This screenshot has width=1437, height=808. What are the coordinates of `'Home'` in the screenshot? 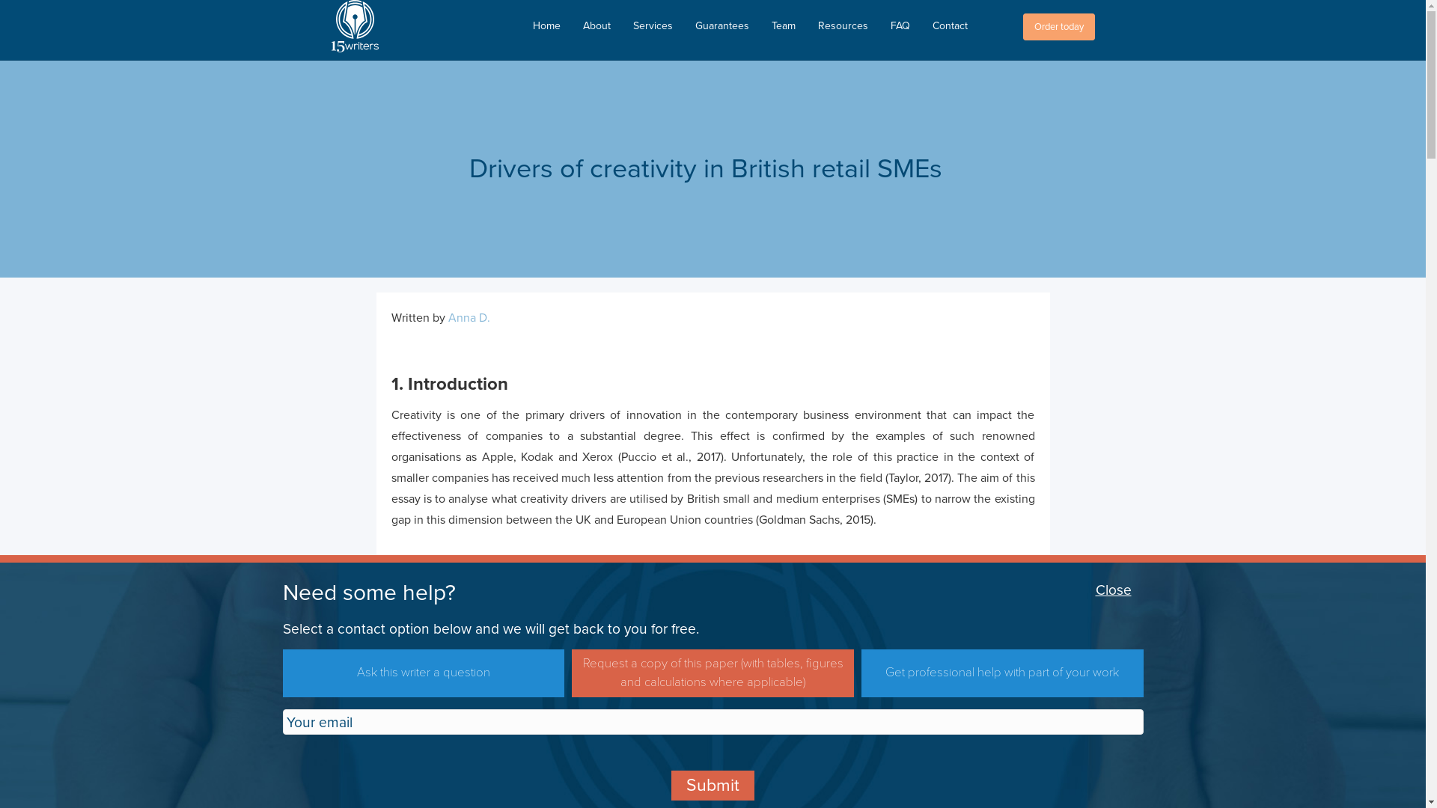 It's located at (521, 25).